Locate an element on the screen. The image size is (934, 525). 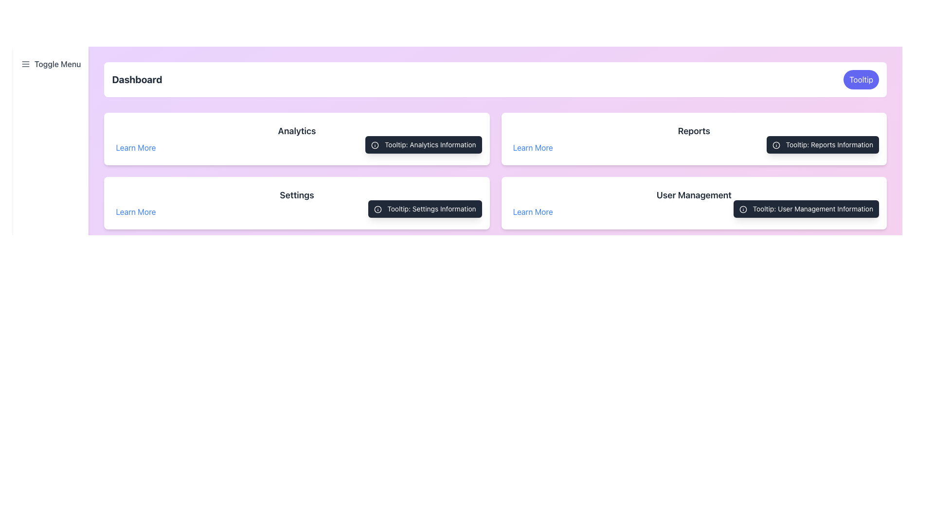
the Tooltip that provides additional information about the 'Reports' section, located adjacent to the 'Learn More' link in the top right of the section block is located at coordinates (822, 144).